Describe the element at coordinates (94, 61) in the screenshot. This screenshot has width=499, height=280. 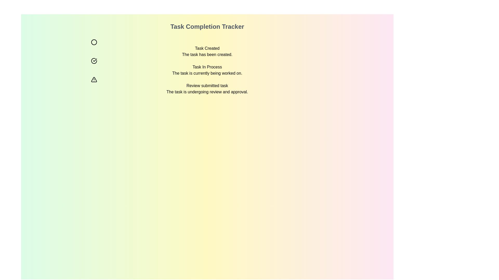
I see `the status check circle icon, which is the second icon in a vertical group of three, located to the left of the text 'Task In Process The task is currently being worked on.'` at that location.